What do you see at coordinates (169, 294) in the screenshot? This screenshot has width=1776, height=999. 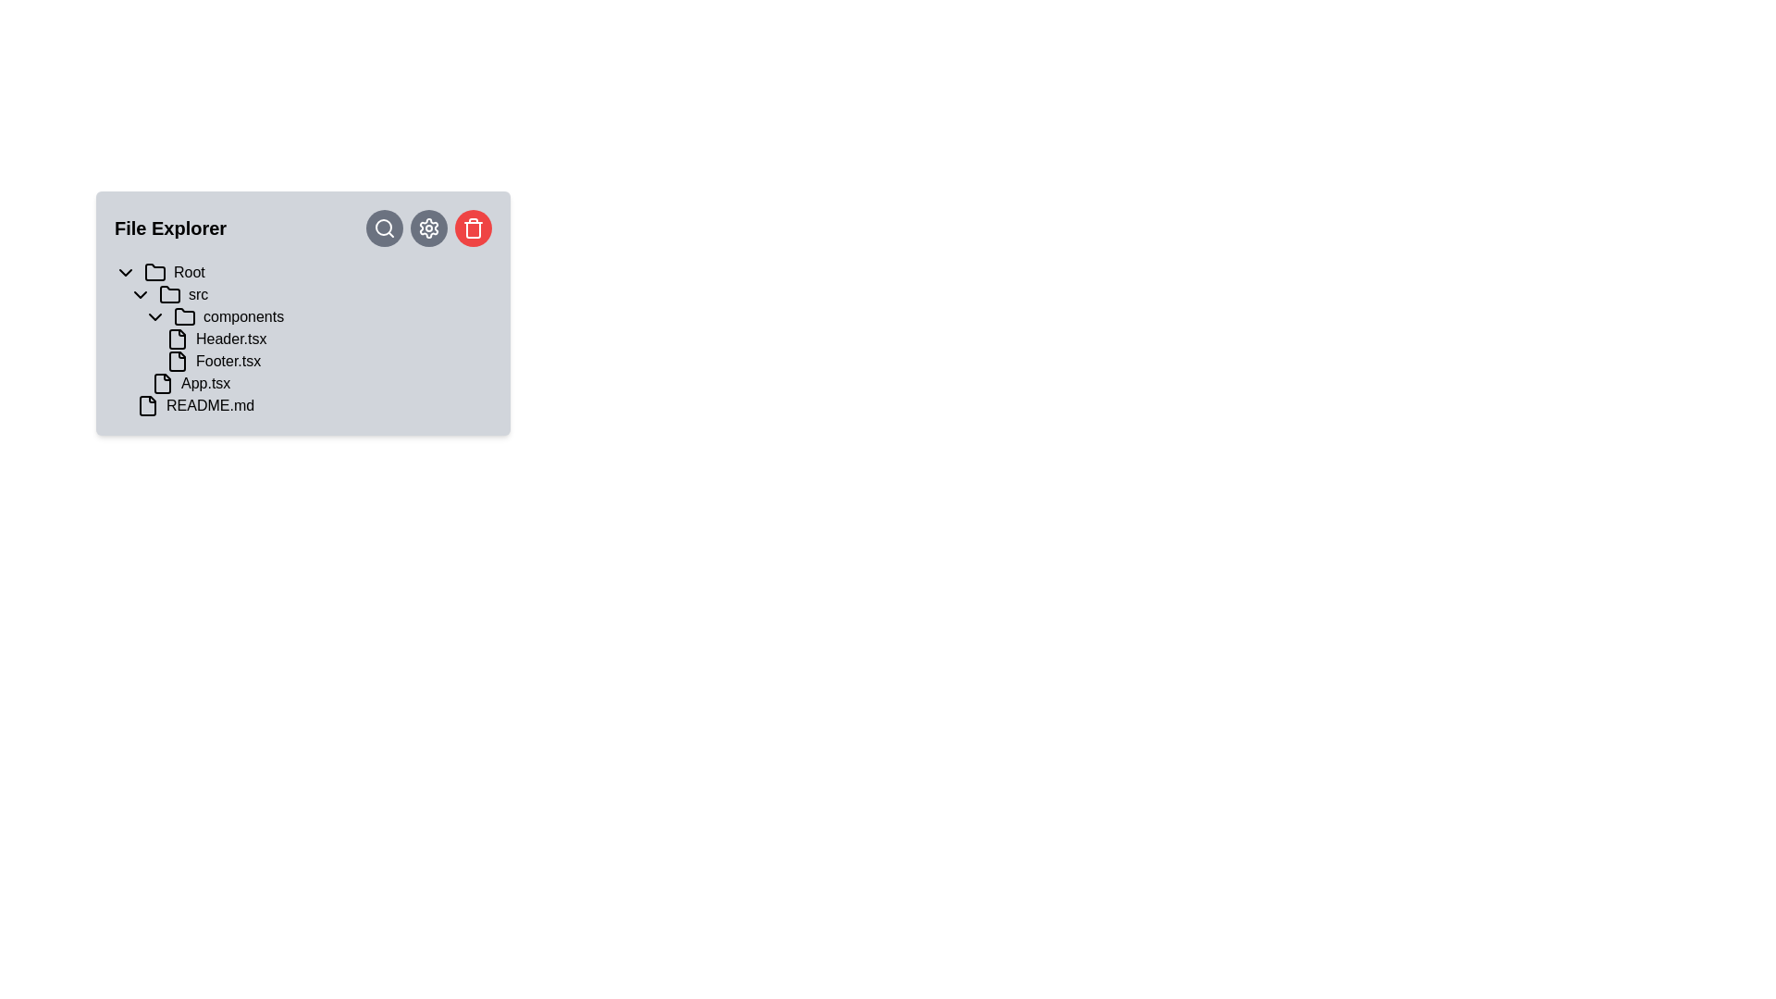 I see `the visual indicator icon of the 'src' folder located in the 'File Explorer' interface, positioned between the downward chevron icon and the 'src' label` at bounding box center [169, 294].